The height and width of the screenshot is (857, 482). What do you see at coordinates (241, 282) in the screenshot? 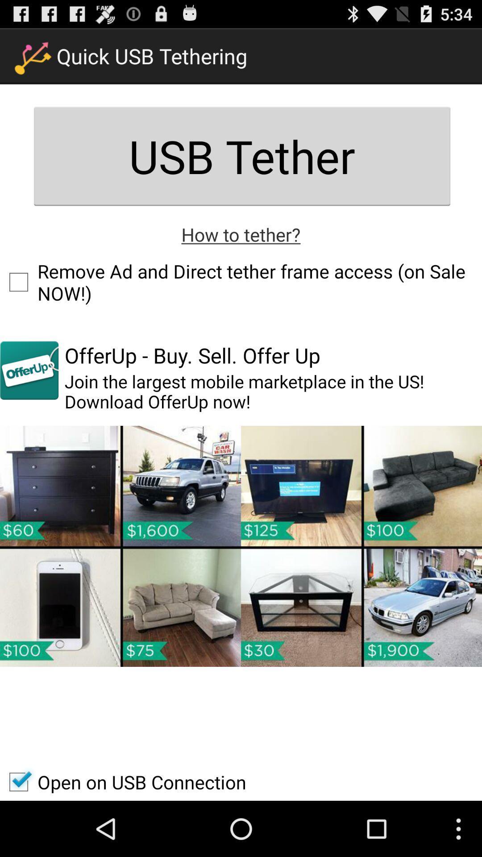
I see `the app below how to tether? icon` at bounding box center [241, 282].